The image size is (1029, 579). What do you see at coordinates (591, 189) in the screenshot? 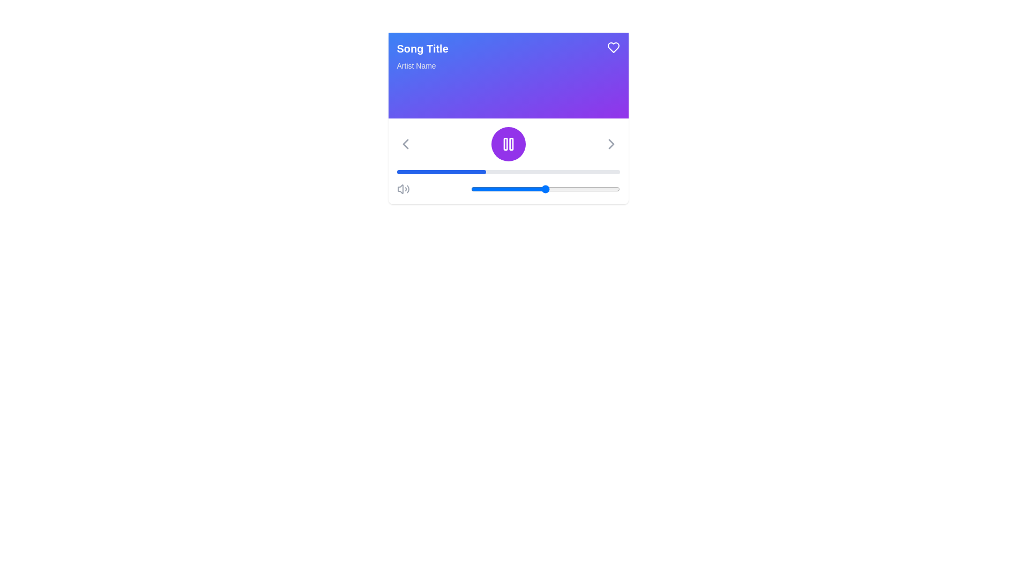
I see `volume` at bounding box center [591, 189].